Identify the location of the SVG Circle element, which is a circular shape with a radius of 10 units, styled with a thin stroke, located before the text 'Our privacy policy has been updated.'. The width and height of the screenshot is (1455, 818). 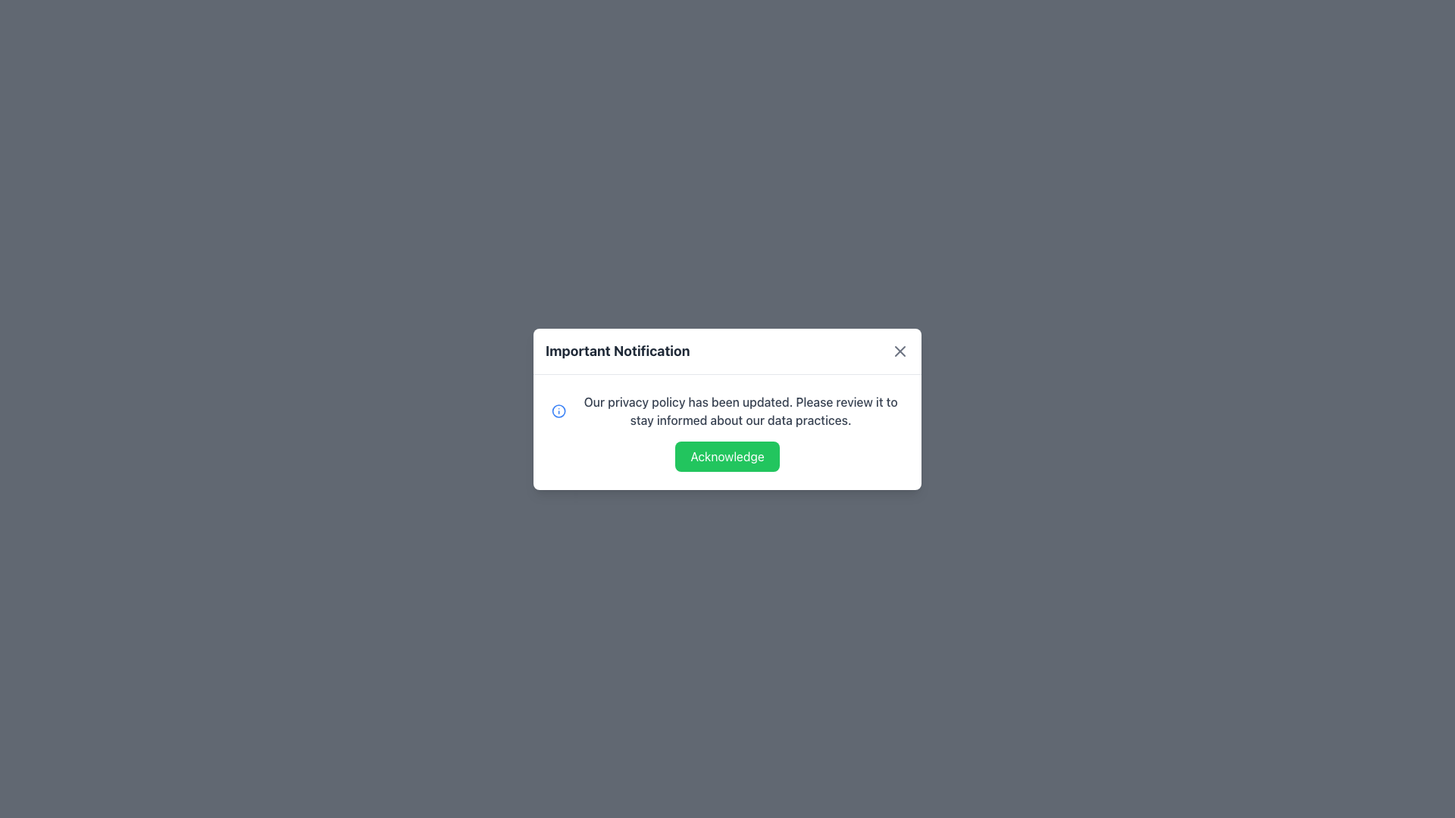
(558, 411).